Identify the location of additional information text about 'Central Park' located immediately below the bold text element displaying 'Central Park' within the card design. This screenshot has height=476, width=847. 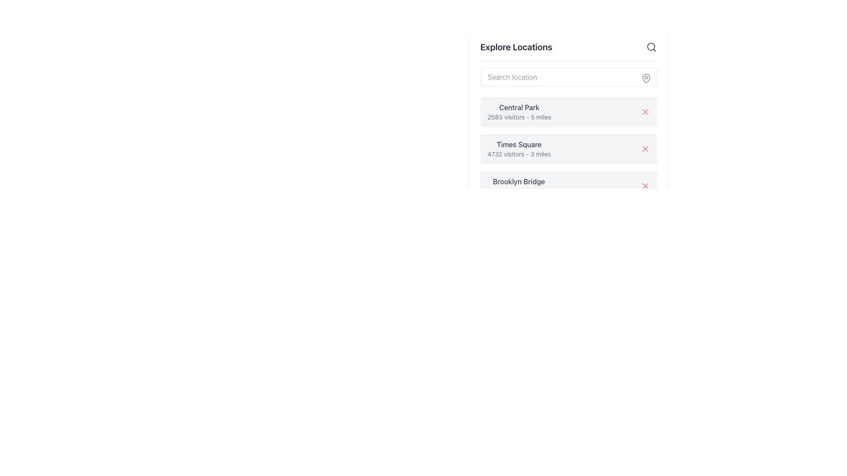
(519, 117).